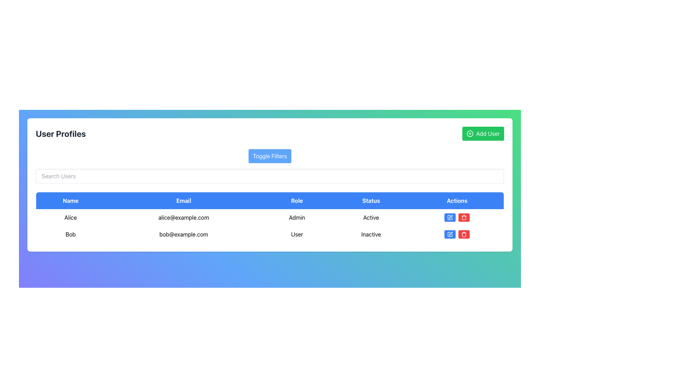 This screenshot has height=379, width=674. What do you see at coordinates (297, 200) in the screenshot?
I see `the Table Header Cell displaying 'Role' in white font on a blue background, which is the third element in the header row of the table` at bounding box center [297, 200].